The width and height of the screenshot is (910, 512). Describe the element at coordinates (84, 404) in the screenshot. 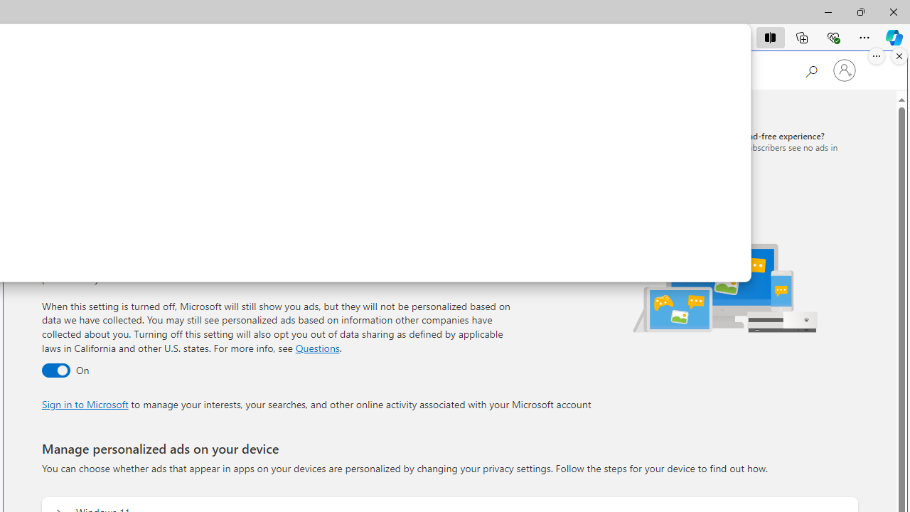

I see `'Sign in to Microsoft'` at that location.